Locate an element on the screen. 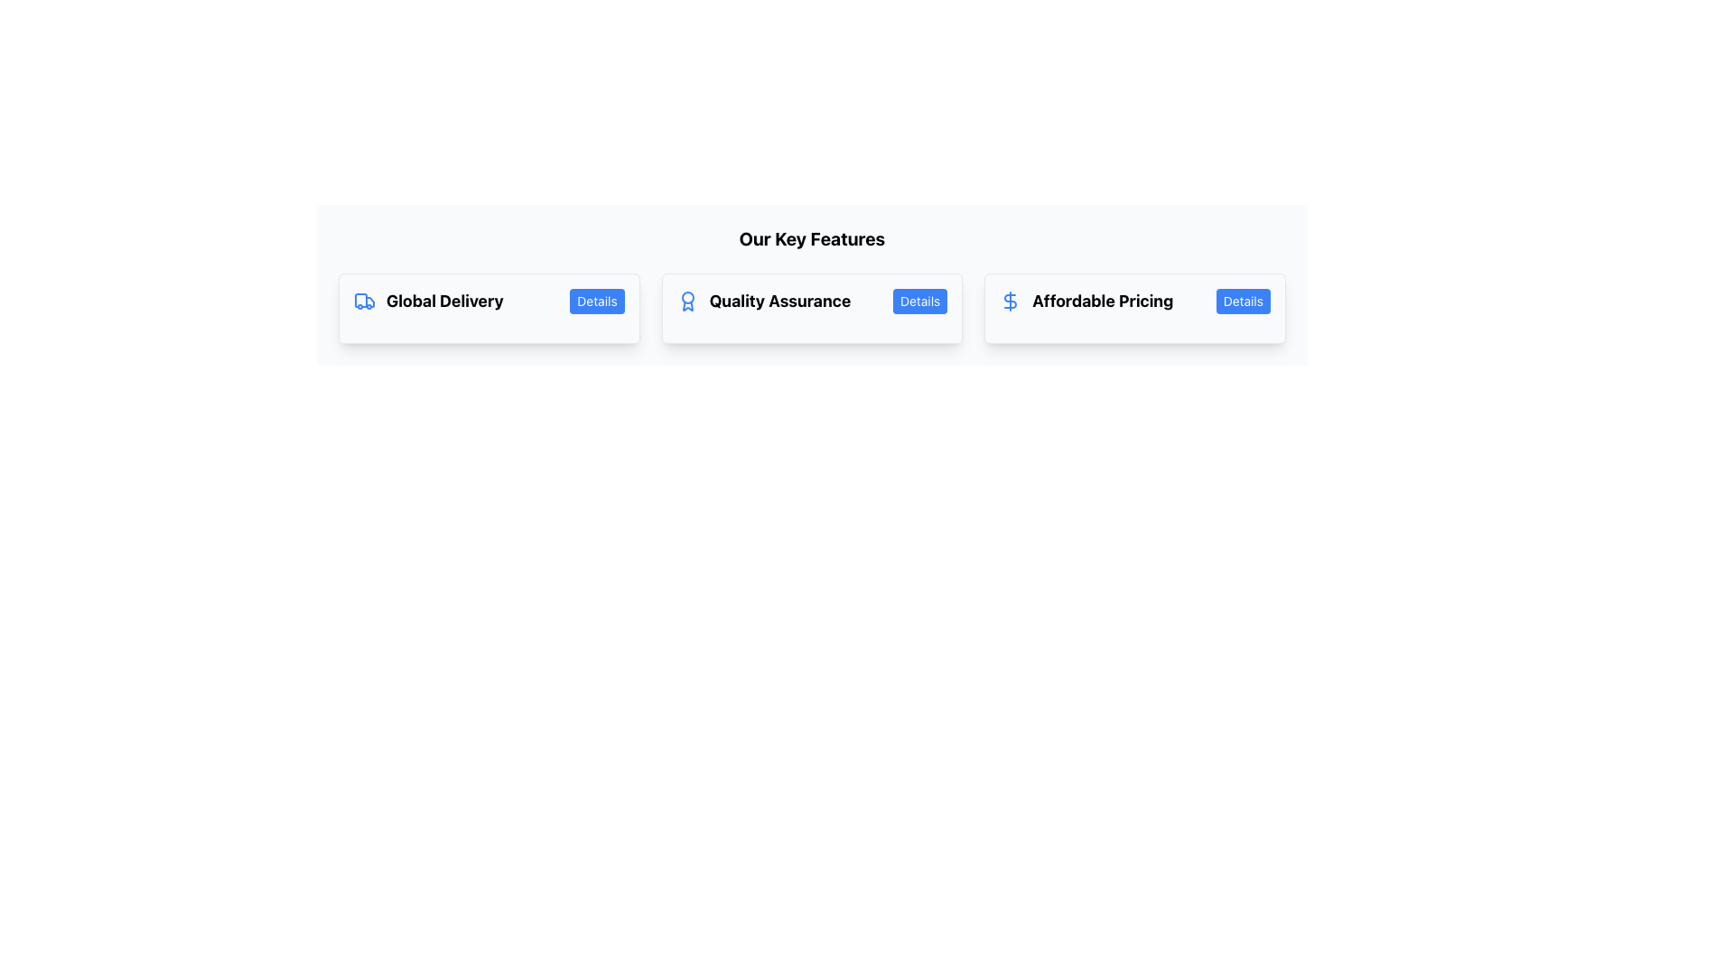  the Feature Highlight Section for 'Quality Assurance' is located at coordinates (811, 308).